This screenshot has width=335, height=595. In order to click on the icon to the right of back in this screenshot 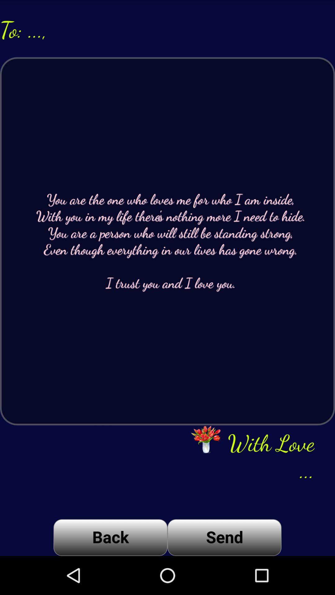, I will do `click(224, 537)`.